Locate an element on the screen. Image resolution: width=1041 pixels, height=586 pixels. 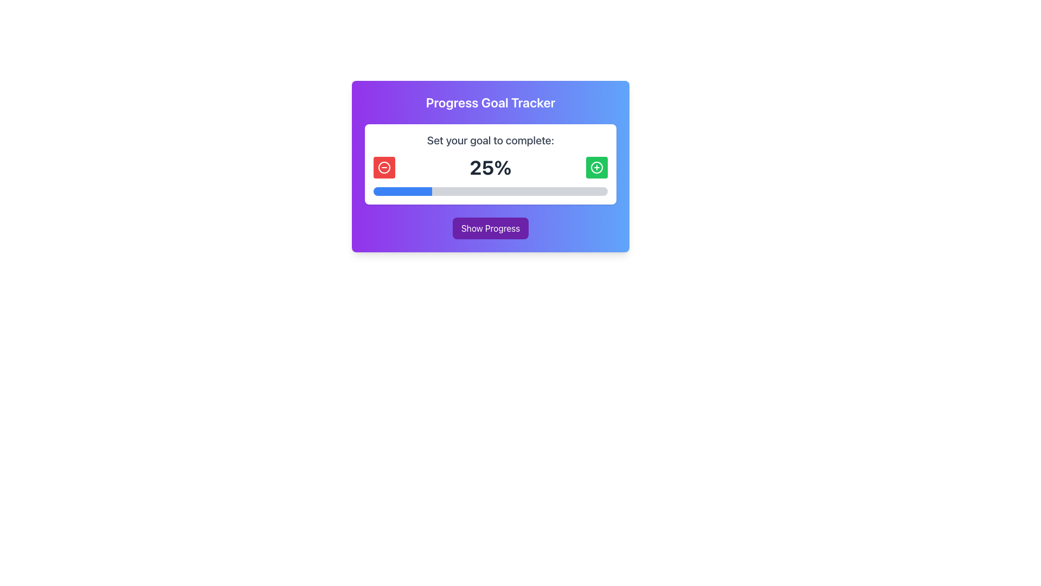
the decrease button on the left side of the progress bar within the 'Progress Goal Tracker' card is located at coordinates (384, 167).